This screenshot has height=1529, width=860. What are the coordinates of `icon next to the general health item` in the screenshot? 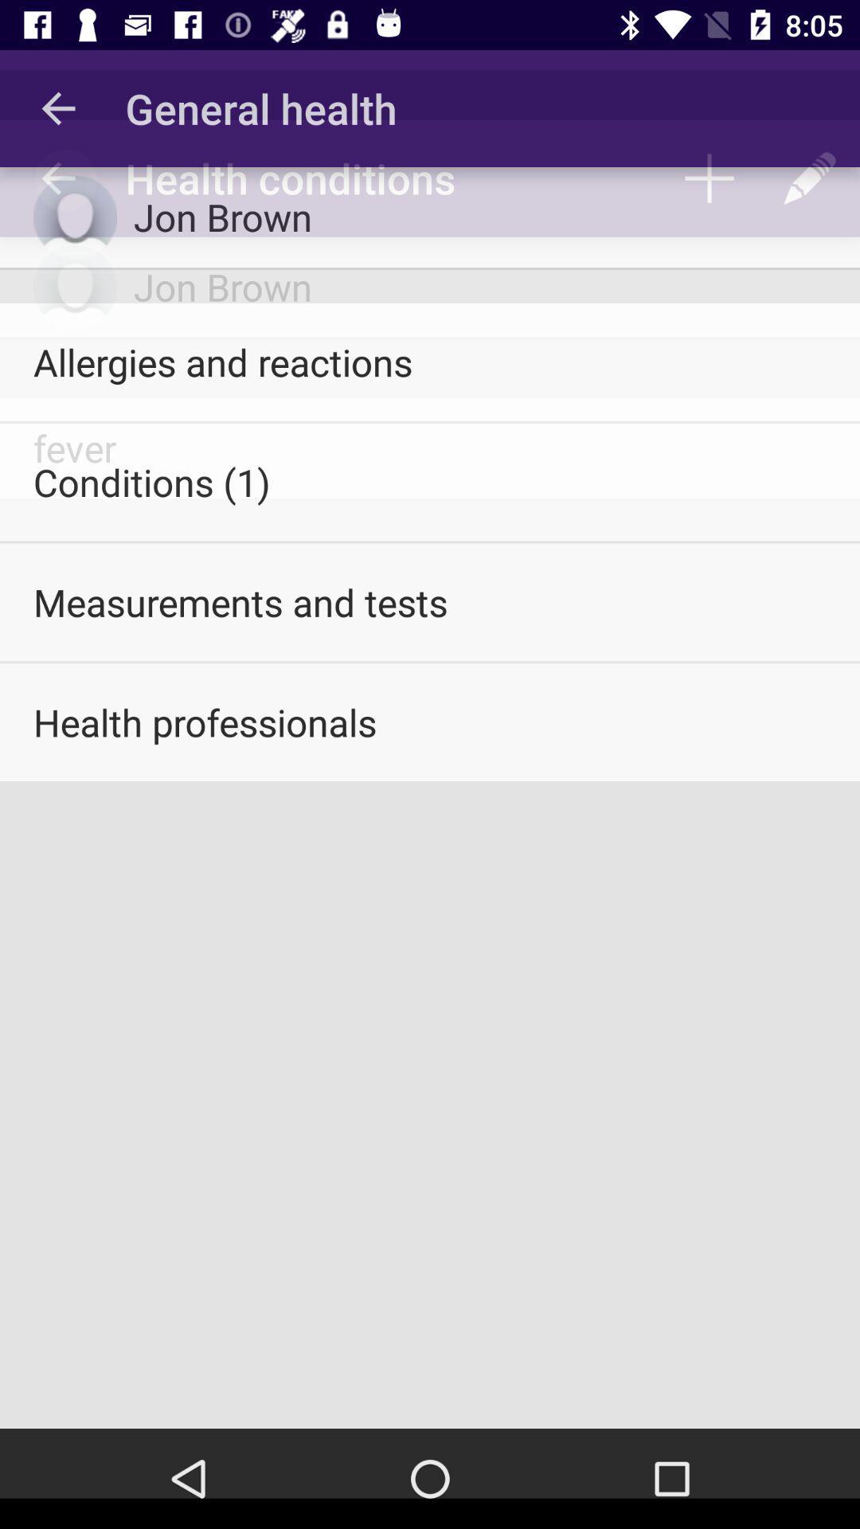 It's located at (57, 108).